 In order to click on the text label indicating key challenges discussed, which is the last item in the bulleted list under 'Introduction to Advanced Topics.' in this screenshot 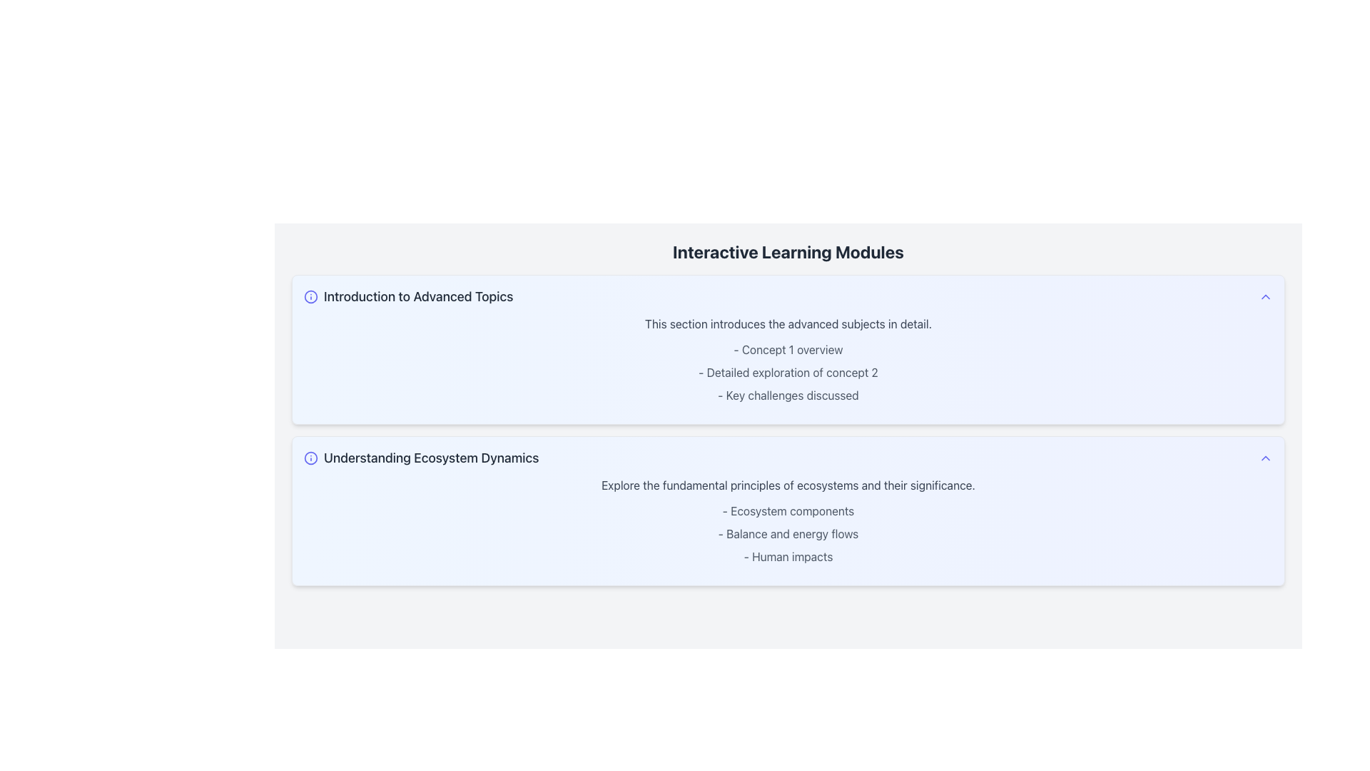, I will do `click(787, 395)`.